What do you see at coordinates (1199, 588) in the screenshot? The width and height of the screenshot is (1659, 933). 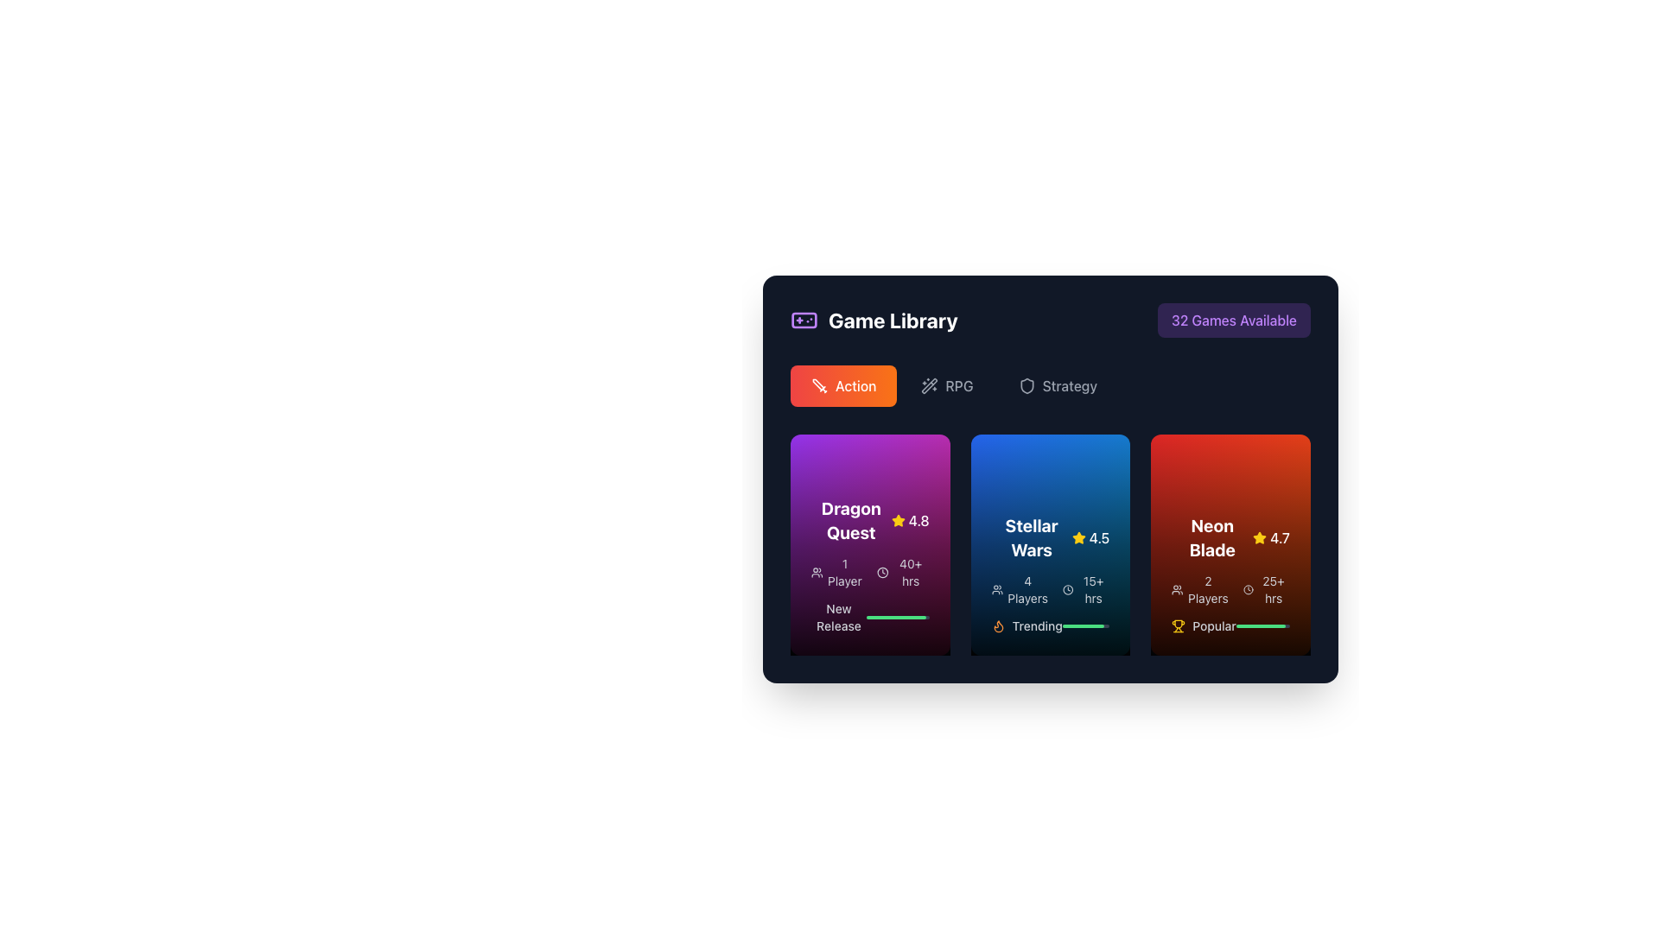 I see `informational text indicating the number of players supported by the 'Neon Blade' game, located in the lower-middle area of the red card` at bounding box center [1199, 588].